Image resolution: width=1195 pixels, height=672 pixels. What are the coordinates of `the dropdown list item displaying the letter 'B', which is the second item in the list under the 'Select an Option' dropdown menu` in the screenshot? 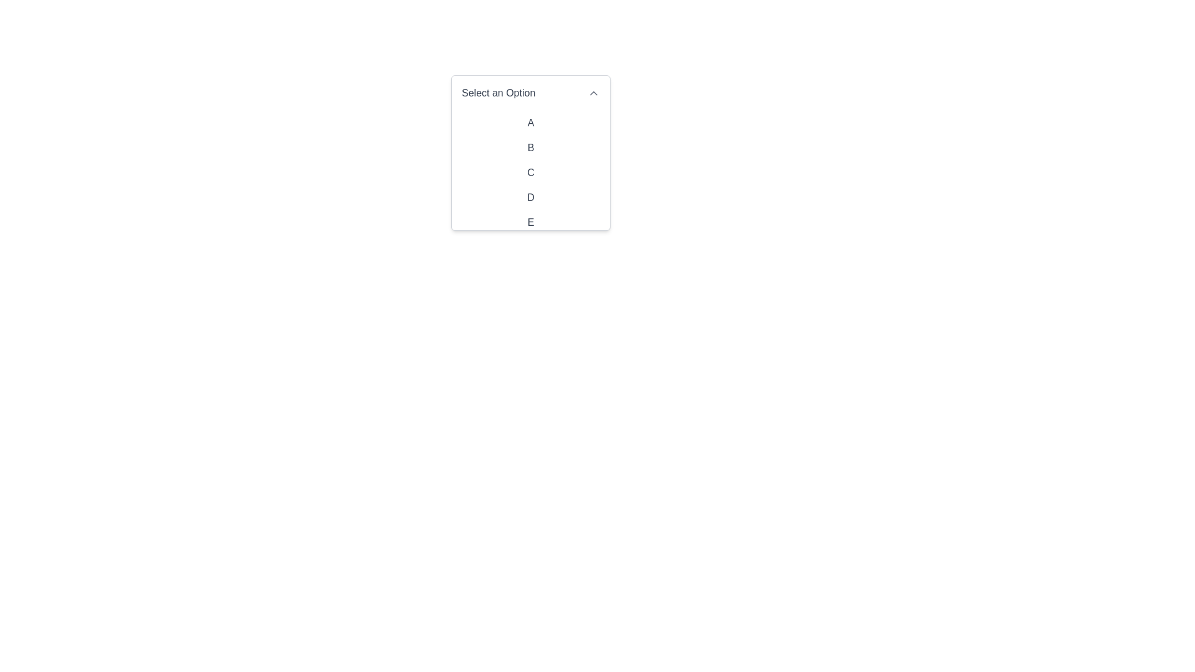 It's located at (531, 152).